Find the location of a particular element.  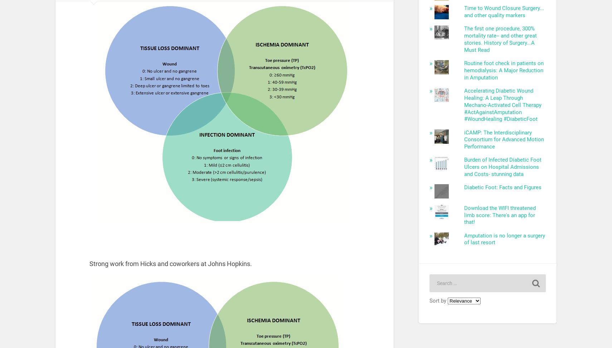

'Time to Wound Closure Surgery... and other quality markers' is located at coordinates (464, 11).